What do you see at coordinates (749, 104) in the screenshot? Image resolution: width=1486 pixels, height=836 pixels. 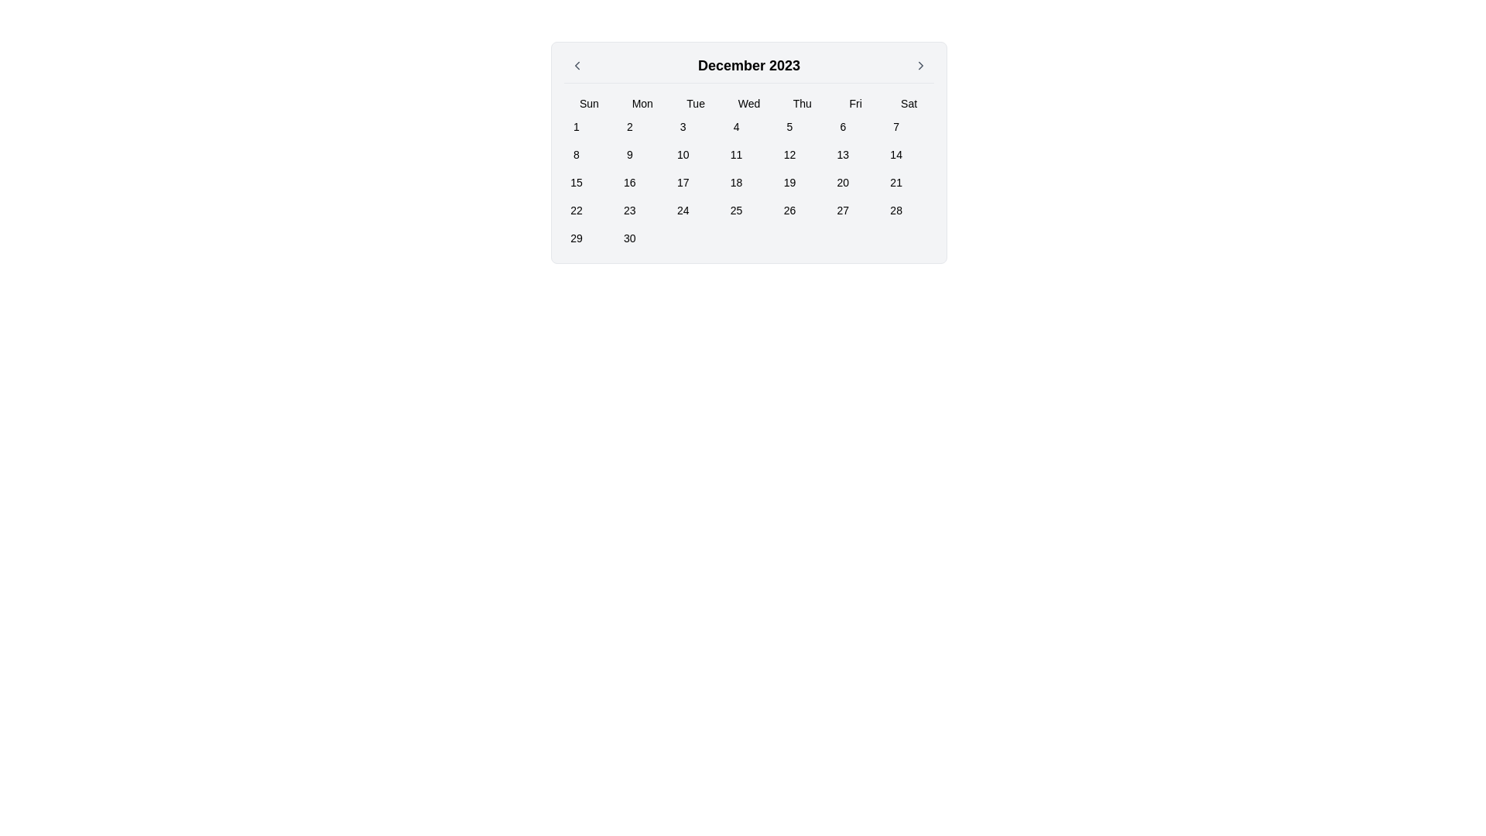 I see `the static text label displaying 'Wed', which is the abbreviation for Wednesday, located in the calendar widget` at bounding box center [749, 104].